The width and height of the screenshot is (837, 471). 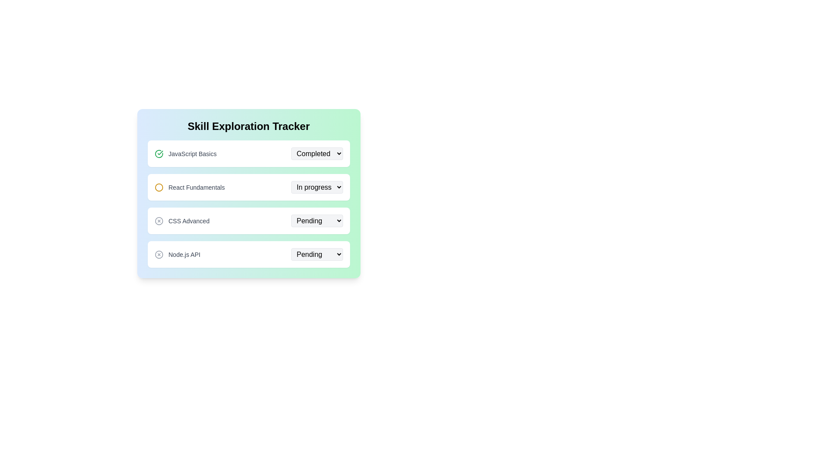 What do you see at coordinates (159, 254) in the screenshot?
I see `the status or actionable icon located at the extreme left of the 'Node.js API' row in the Skill Exploration Tracker module` at bounding box center [159, 254].